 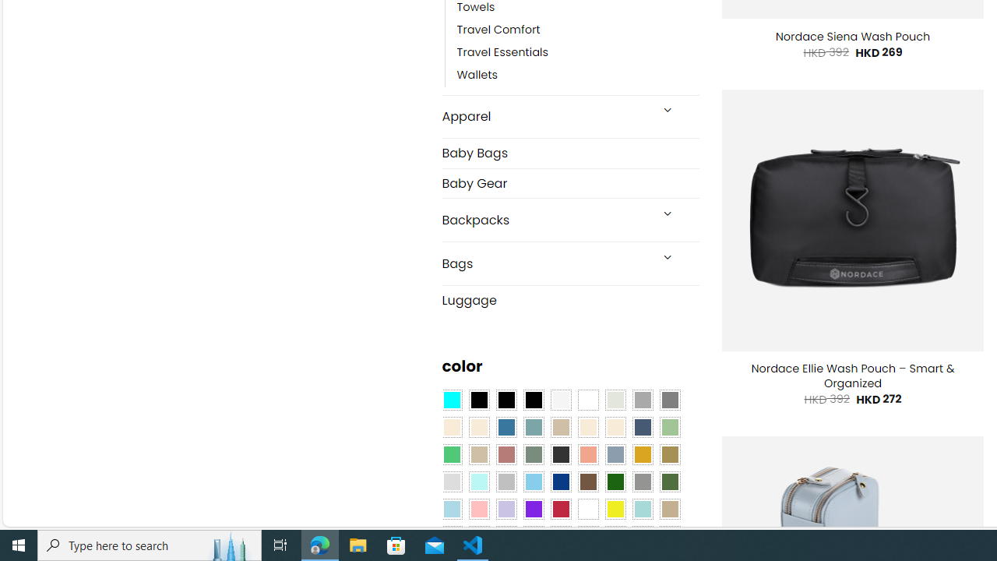 What do you see at coordinates (670, 400) in the screenshot?
I see `'All Gray'` at bounding box center [670, 400].